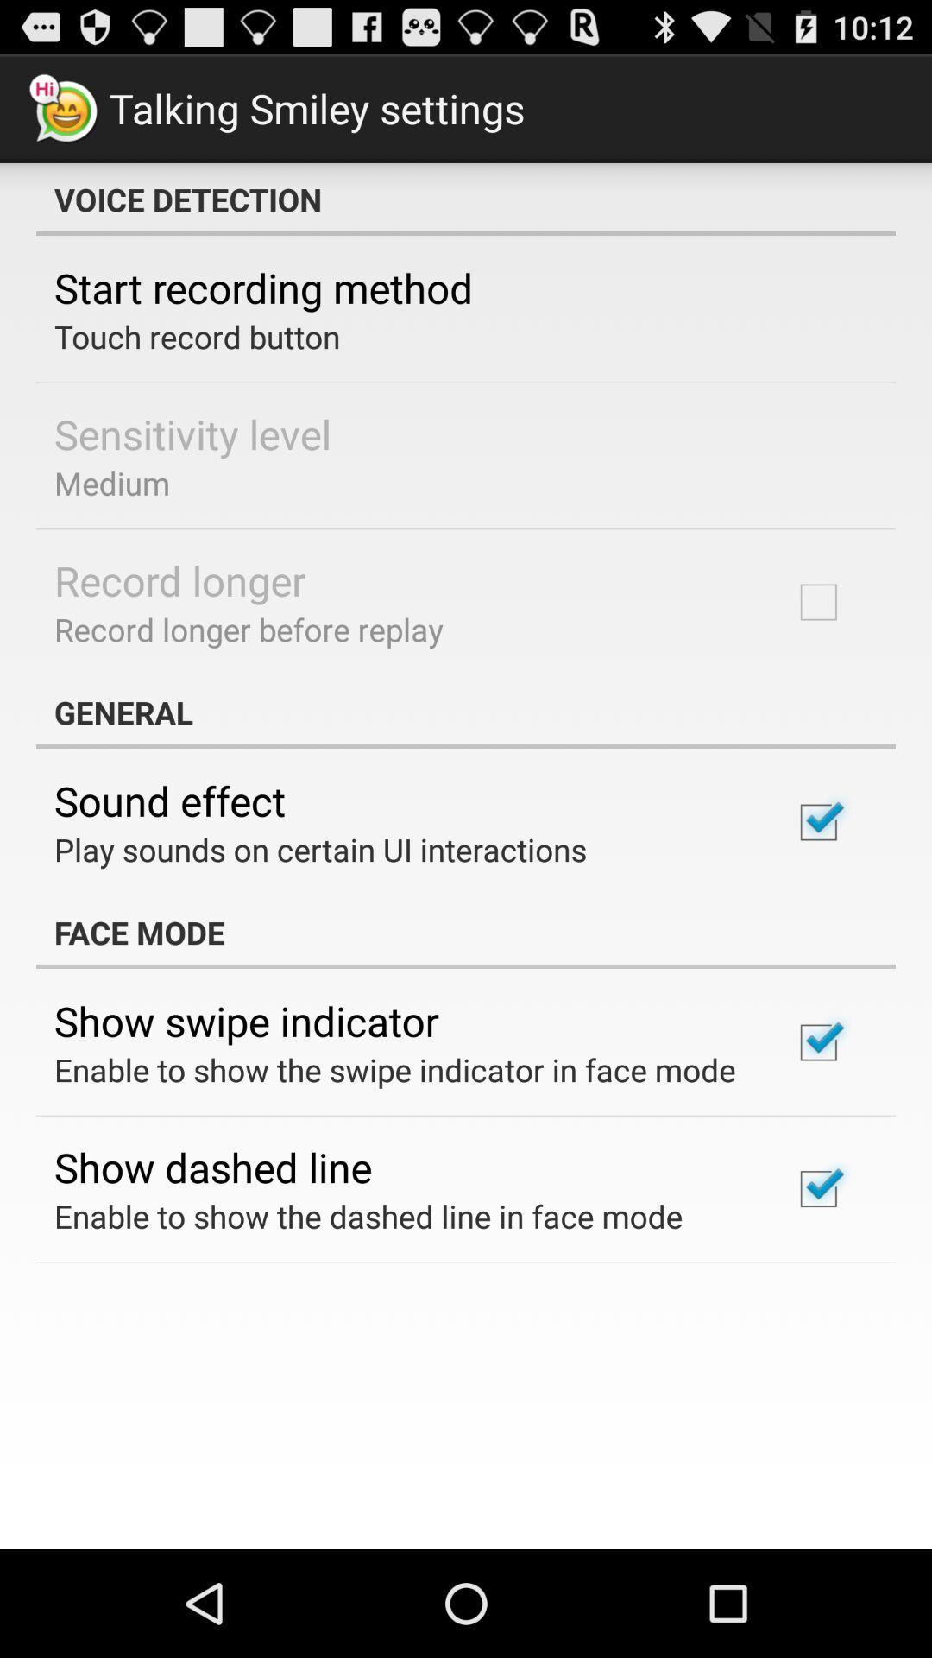  I want to click on voice detection, so click(466, 199).